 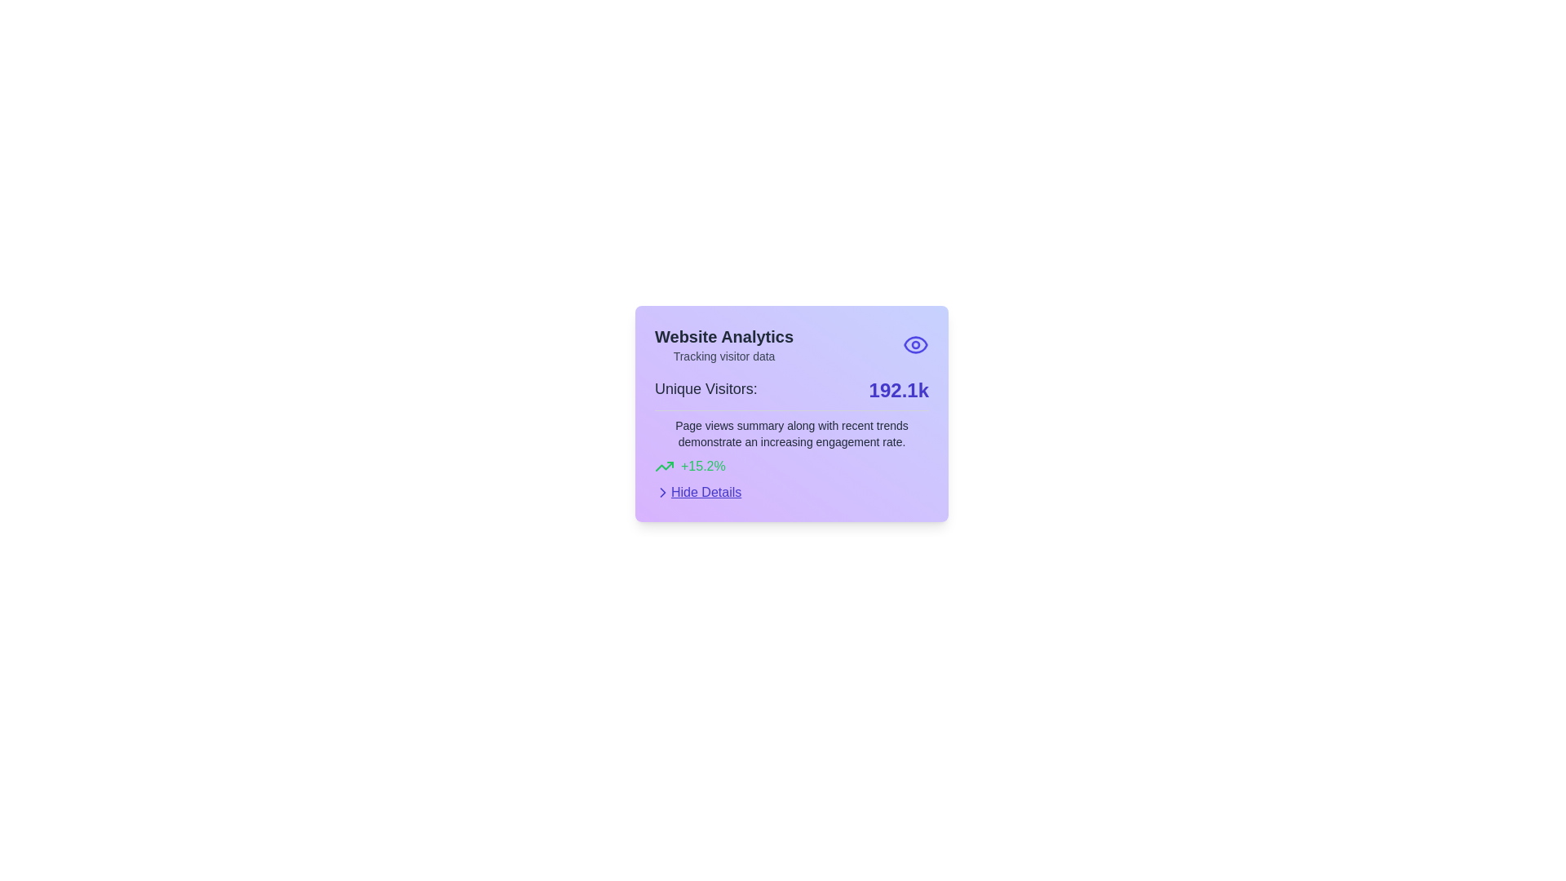 I want to click on the eye-shaped SVG icon representing visibility functionality located in the upper-right corner of the 'Website Analytics' box, so click(x=916, y=344).